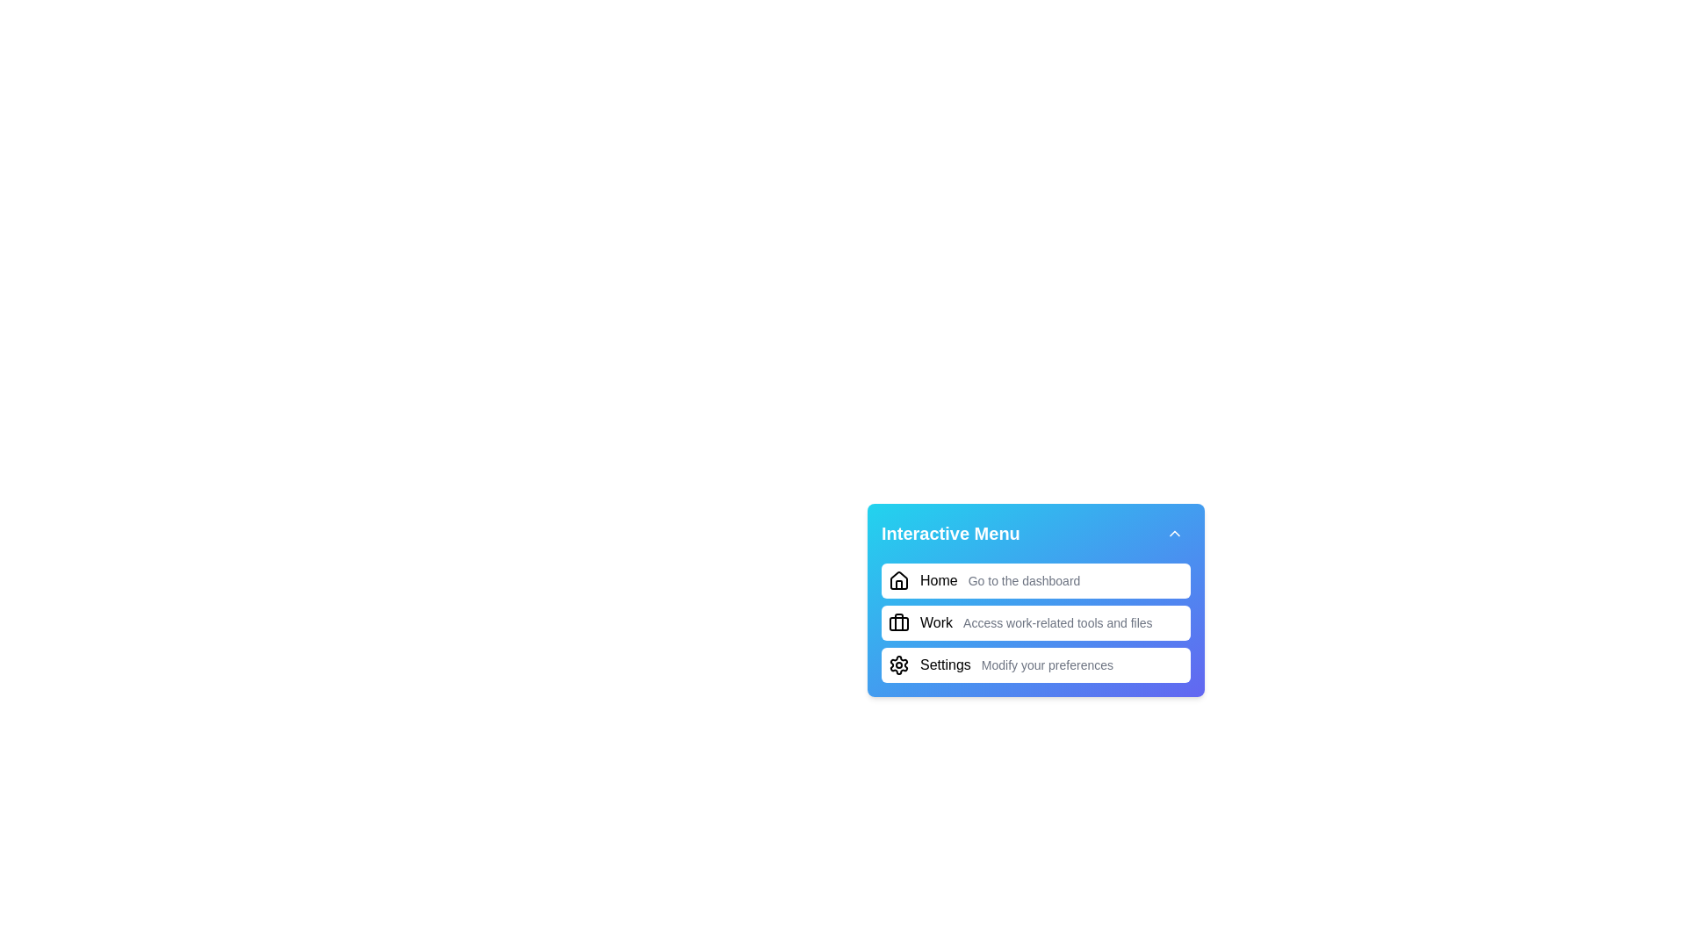  I want to click on the static text component displaying 'Modify your preferences' located under the 'Settings' header in the menu interface, so click(1047, 665).